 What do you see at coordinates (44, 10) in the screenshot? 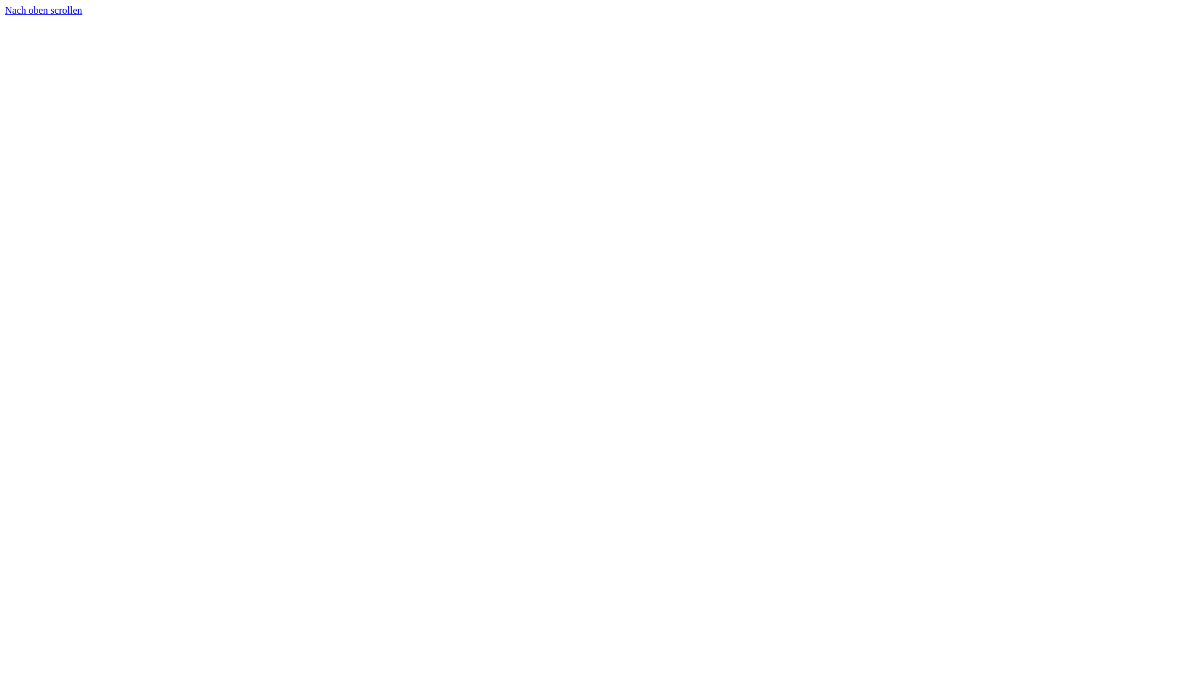
I see `'Nach oben scrollen'` at bounding box center [44, 10].